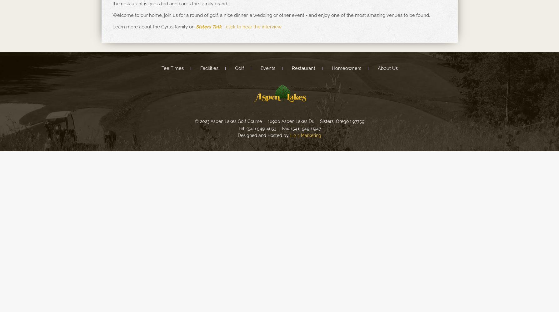 Image resolution: width=559 pixels, height=312 pixels. Describe the element at coordinates (239, 68) in the screenshot. I see `'Golf'` at that location.